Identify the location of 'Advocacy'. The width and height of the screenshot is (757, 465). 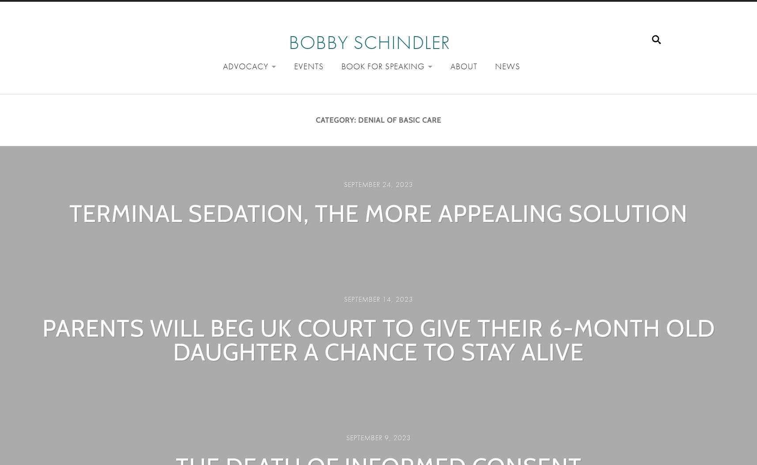
(245, 66).